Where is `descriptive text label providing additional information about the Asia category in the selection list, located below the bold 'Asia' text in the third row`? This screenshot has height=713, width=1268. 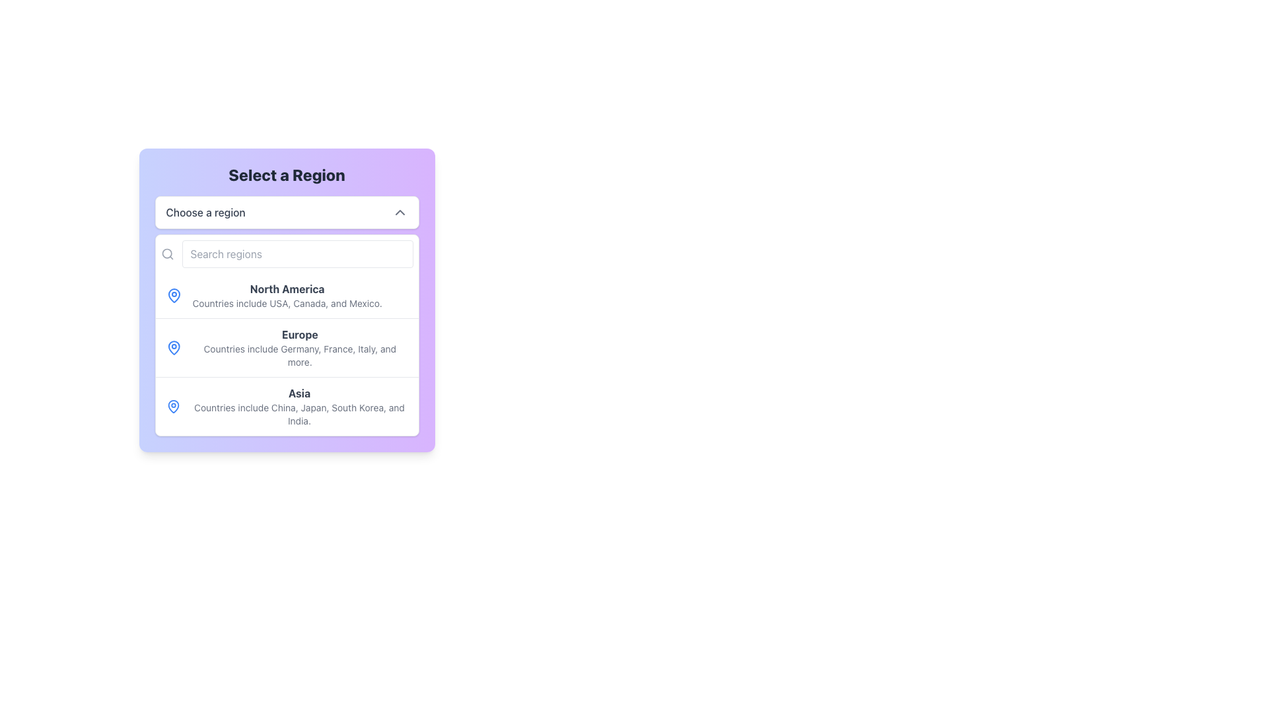
descriptive text label providing additional information about the Asia category in the selection list, located below the bold 'Asia' text in the third row is located at coordinates (299, 414).